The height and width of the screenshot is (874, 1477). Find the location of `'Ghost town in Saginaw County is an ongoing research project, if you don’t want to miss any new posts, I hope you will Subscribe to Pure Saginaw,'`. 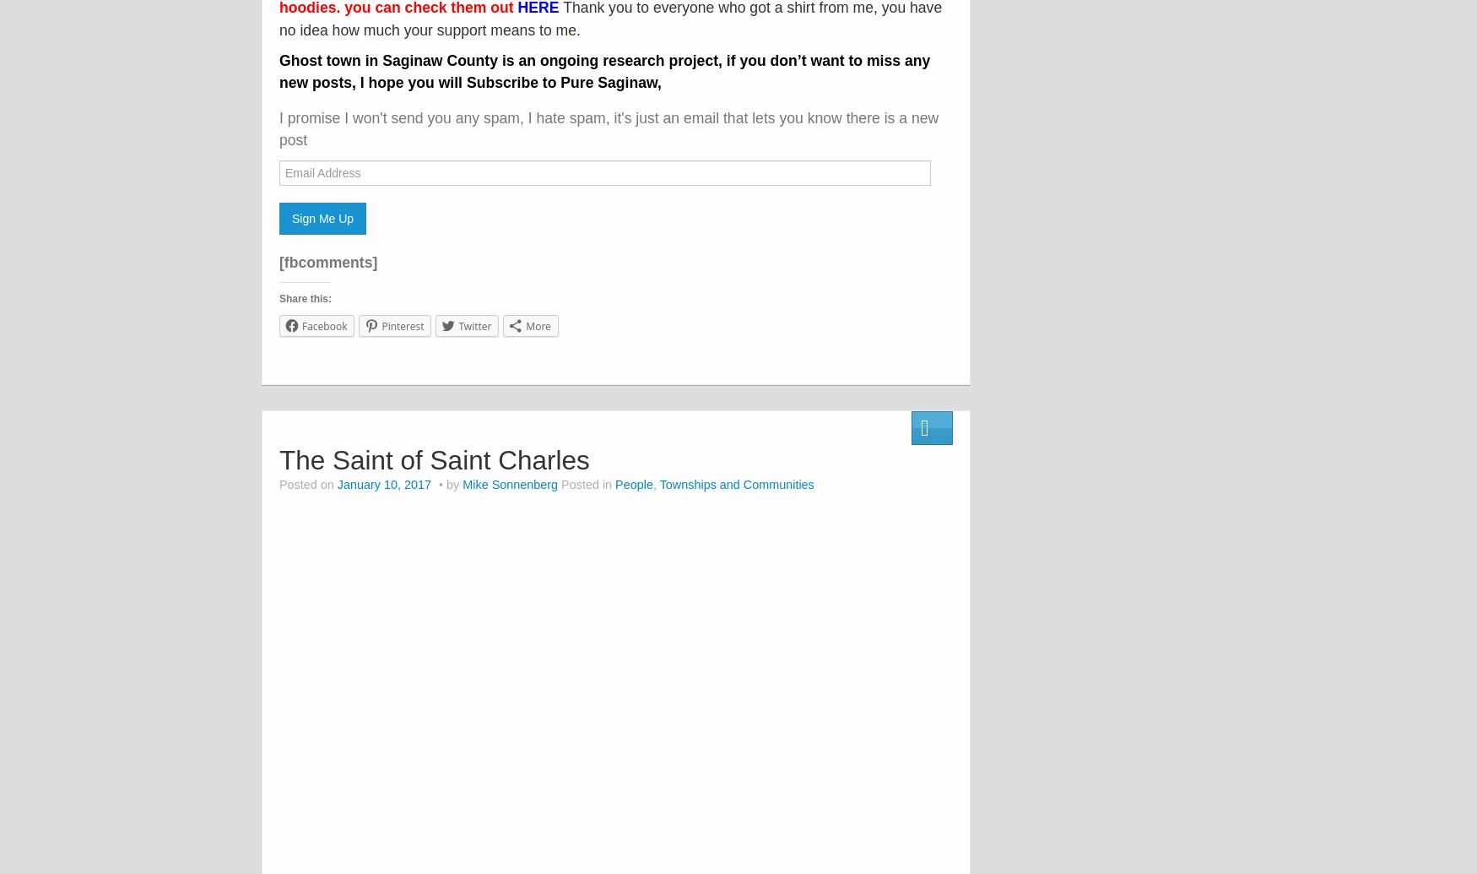

'Ghost town in Saginaw County is an ongoing research project, if you don’t want to miss any new posts, I hope you will Subscribe to Pure Saginaw,' is located at coordinates (279, 71).